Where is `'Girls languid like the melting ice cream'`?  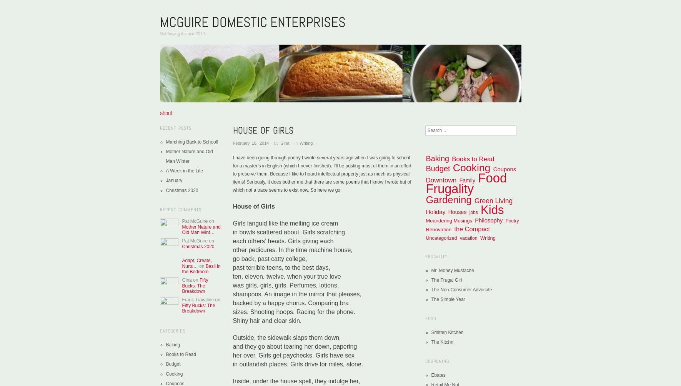 'Girls languid like the melting ice cream' is located at coordinates (285, 223).